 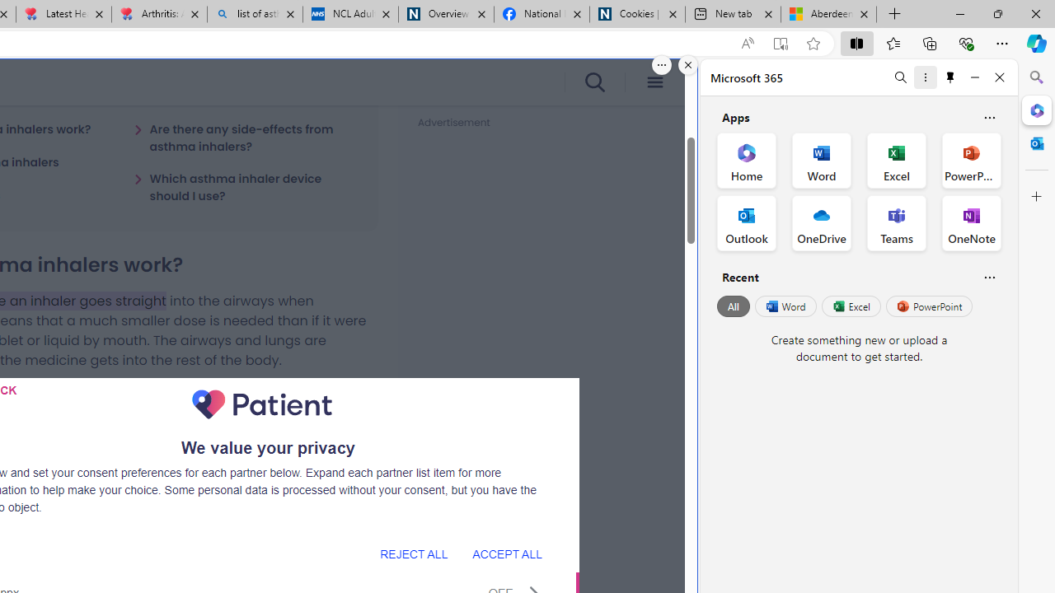 I want to click on 'Close split screen.', so click(x=688, y=64).